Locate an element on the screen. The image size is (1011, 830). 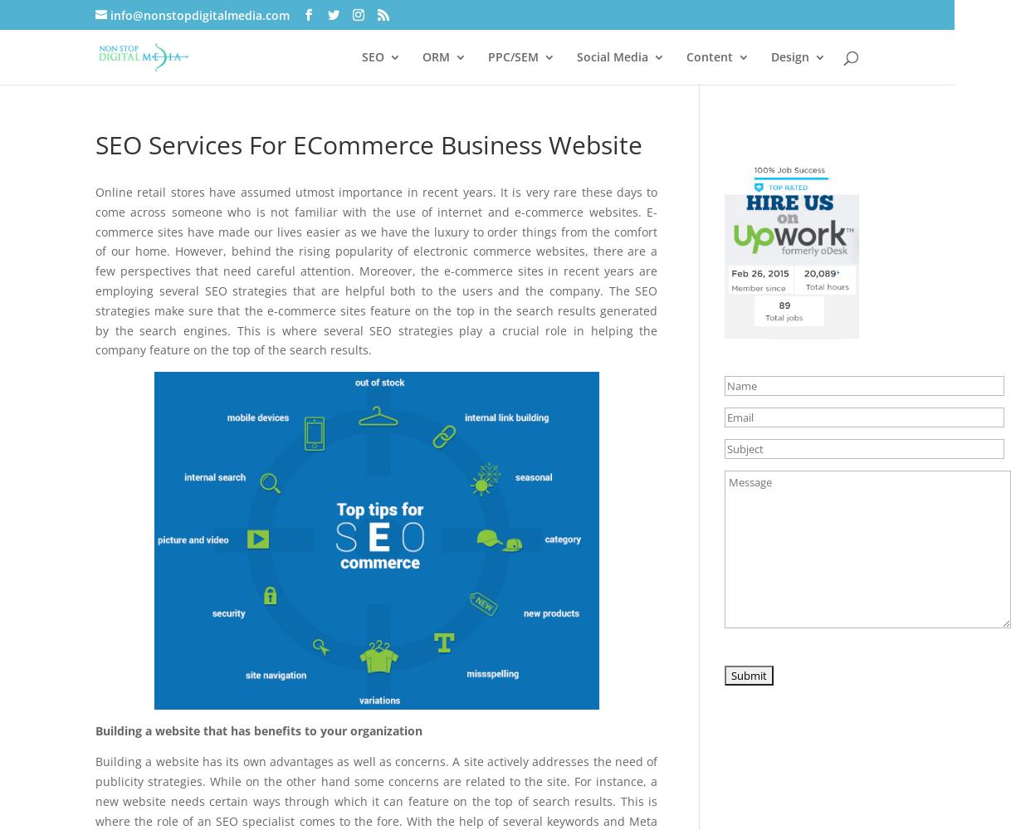
'AdWords PPC Management' is located at coordinates (521, 131).